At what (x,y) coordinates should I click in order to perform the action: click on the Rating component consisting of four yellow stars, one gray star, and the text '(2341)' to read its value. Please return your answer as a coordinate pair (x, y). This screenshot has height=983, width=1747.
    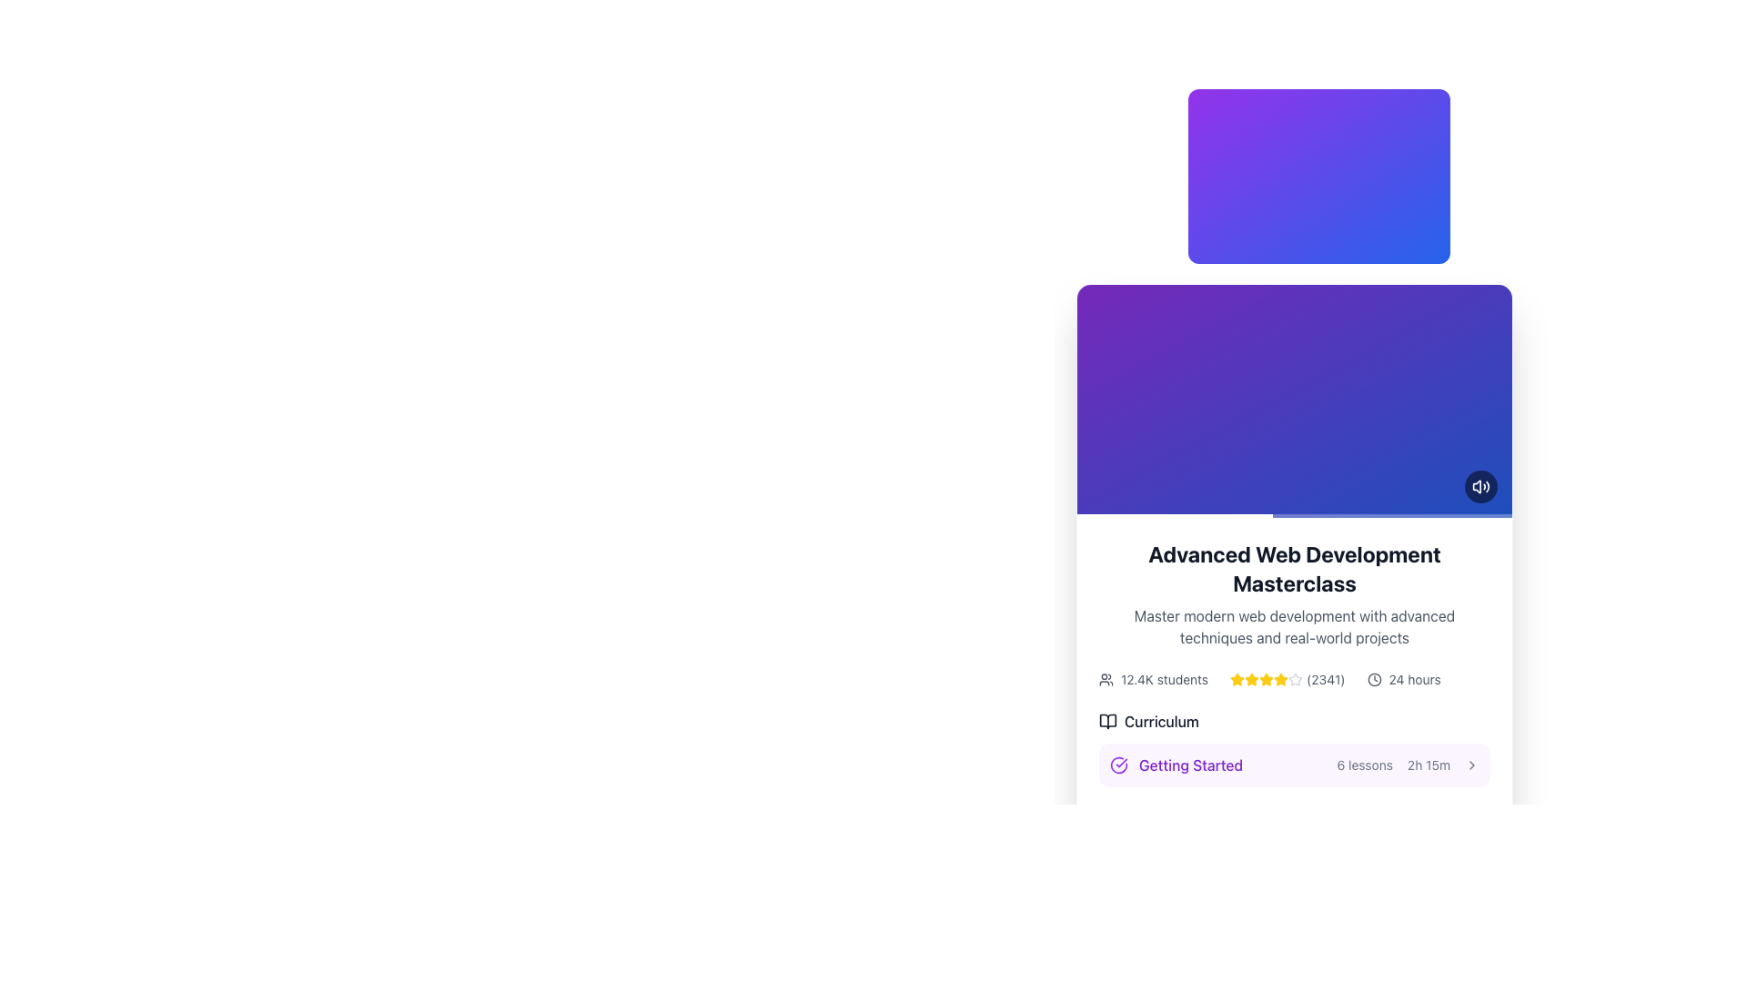
    Looking at the image, I should click on (1287, 680).